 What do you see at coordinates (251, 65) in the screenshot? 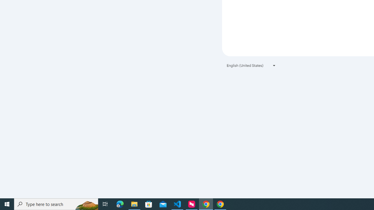
I see `'English (United States)'` at bounding box center [251, 65].